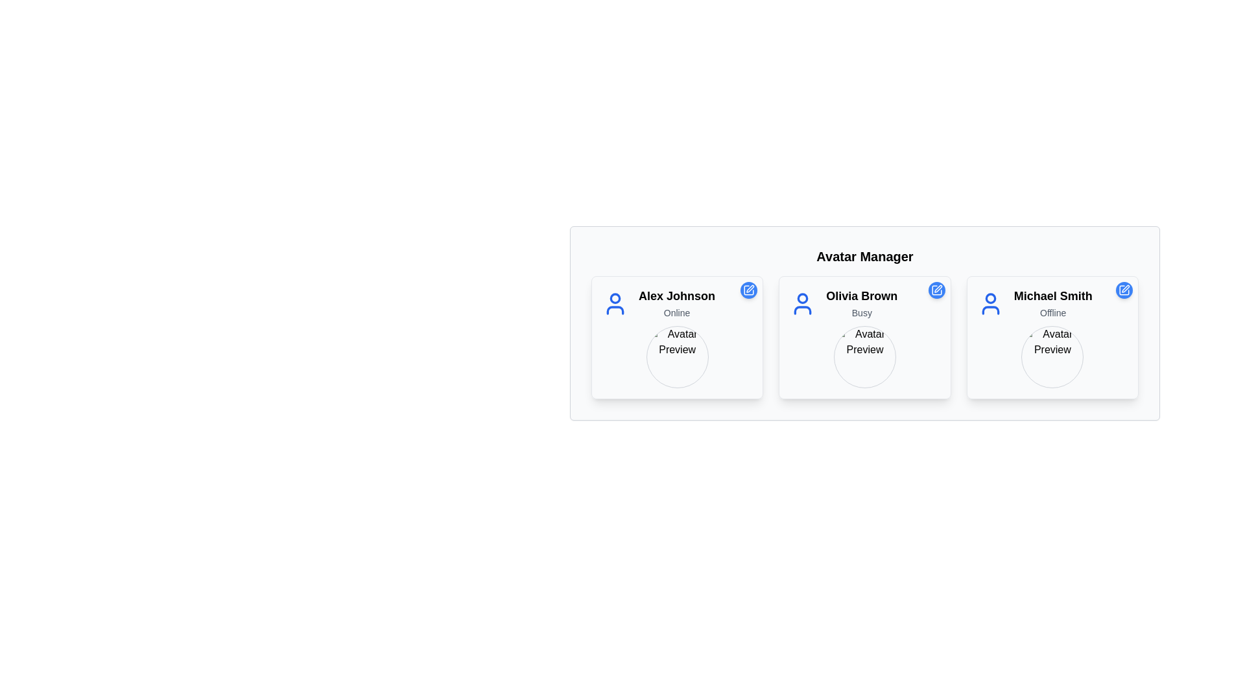  What do you see at coordinates (865, 357) in the screenshot?
I see `the circular image placeholder with the text 'Avatar Preview' at the center of the card titled 'Olivia Brown'` at bounding box center [865, 357].